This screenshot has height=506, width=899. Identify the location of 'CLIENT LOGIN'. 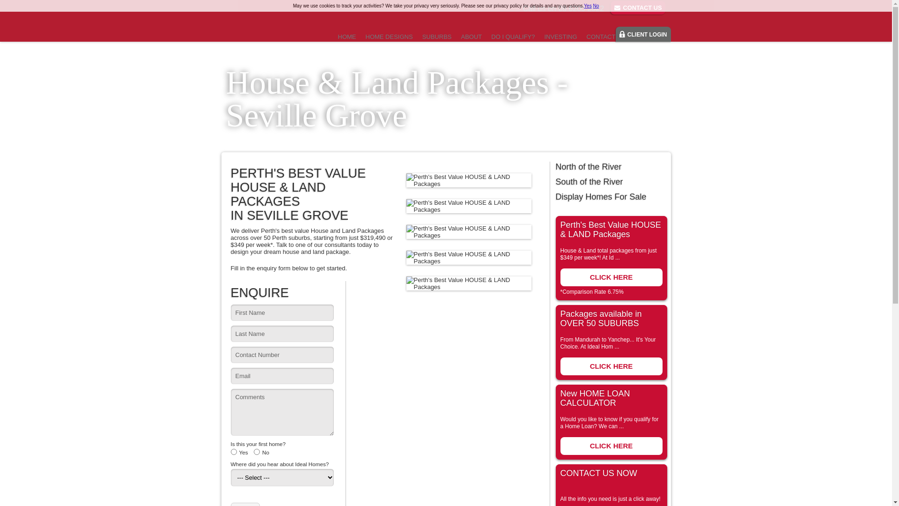
(642, 34).